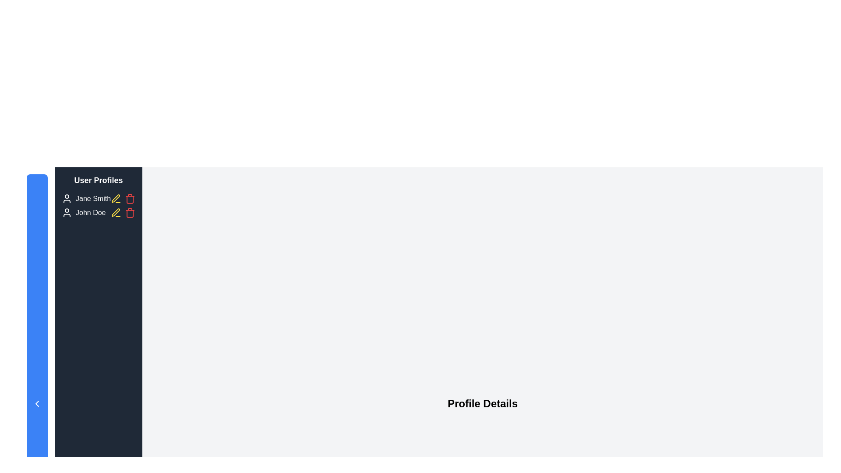 The height and width of the screenshot is (473, 841). Describe the element at coordinates (482, 403) in the screenshot. I see `the heading element labeled 'Profile Details' which serves as the title indicating the focus of the current page or section` at that location.